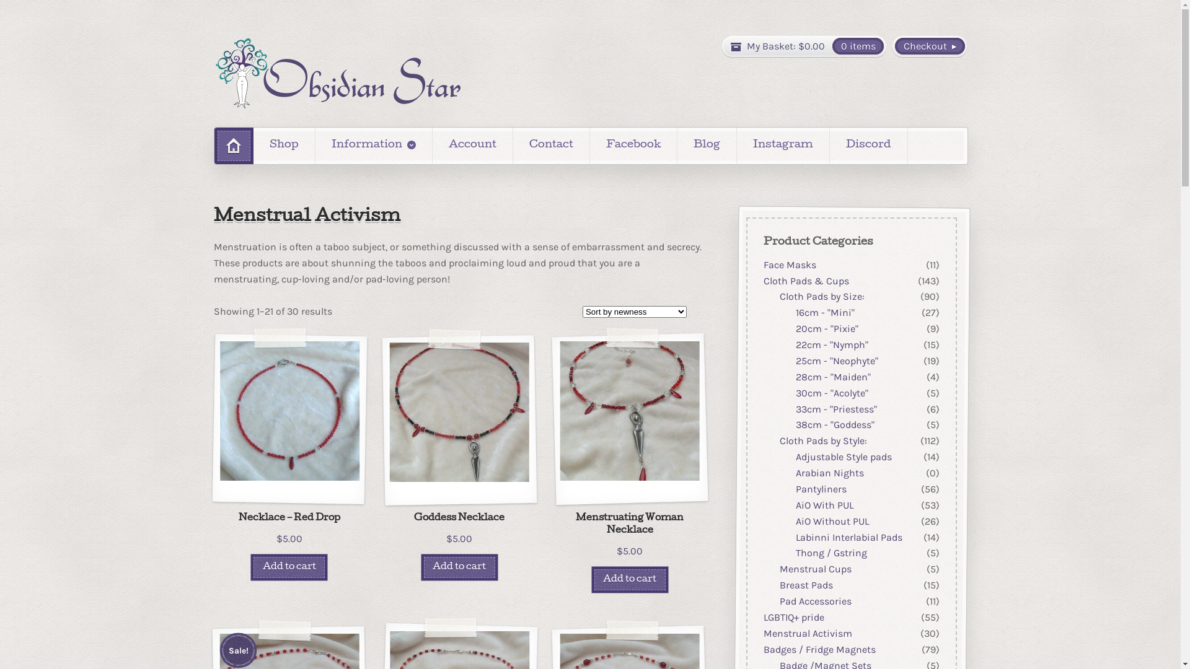 Image resolution: width=1190 pixels, height=669 pixels. Describe the element at coordinates (929, 45) in the screenshot. I see `'Checkout'` at that location.